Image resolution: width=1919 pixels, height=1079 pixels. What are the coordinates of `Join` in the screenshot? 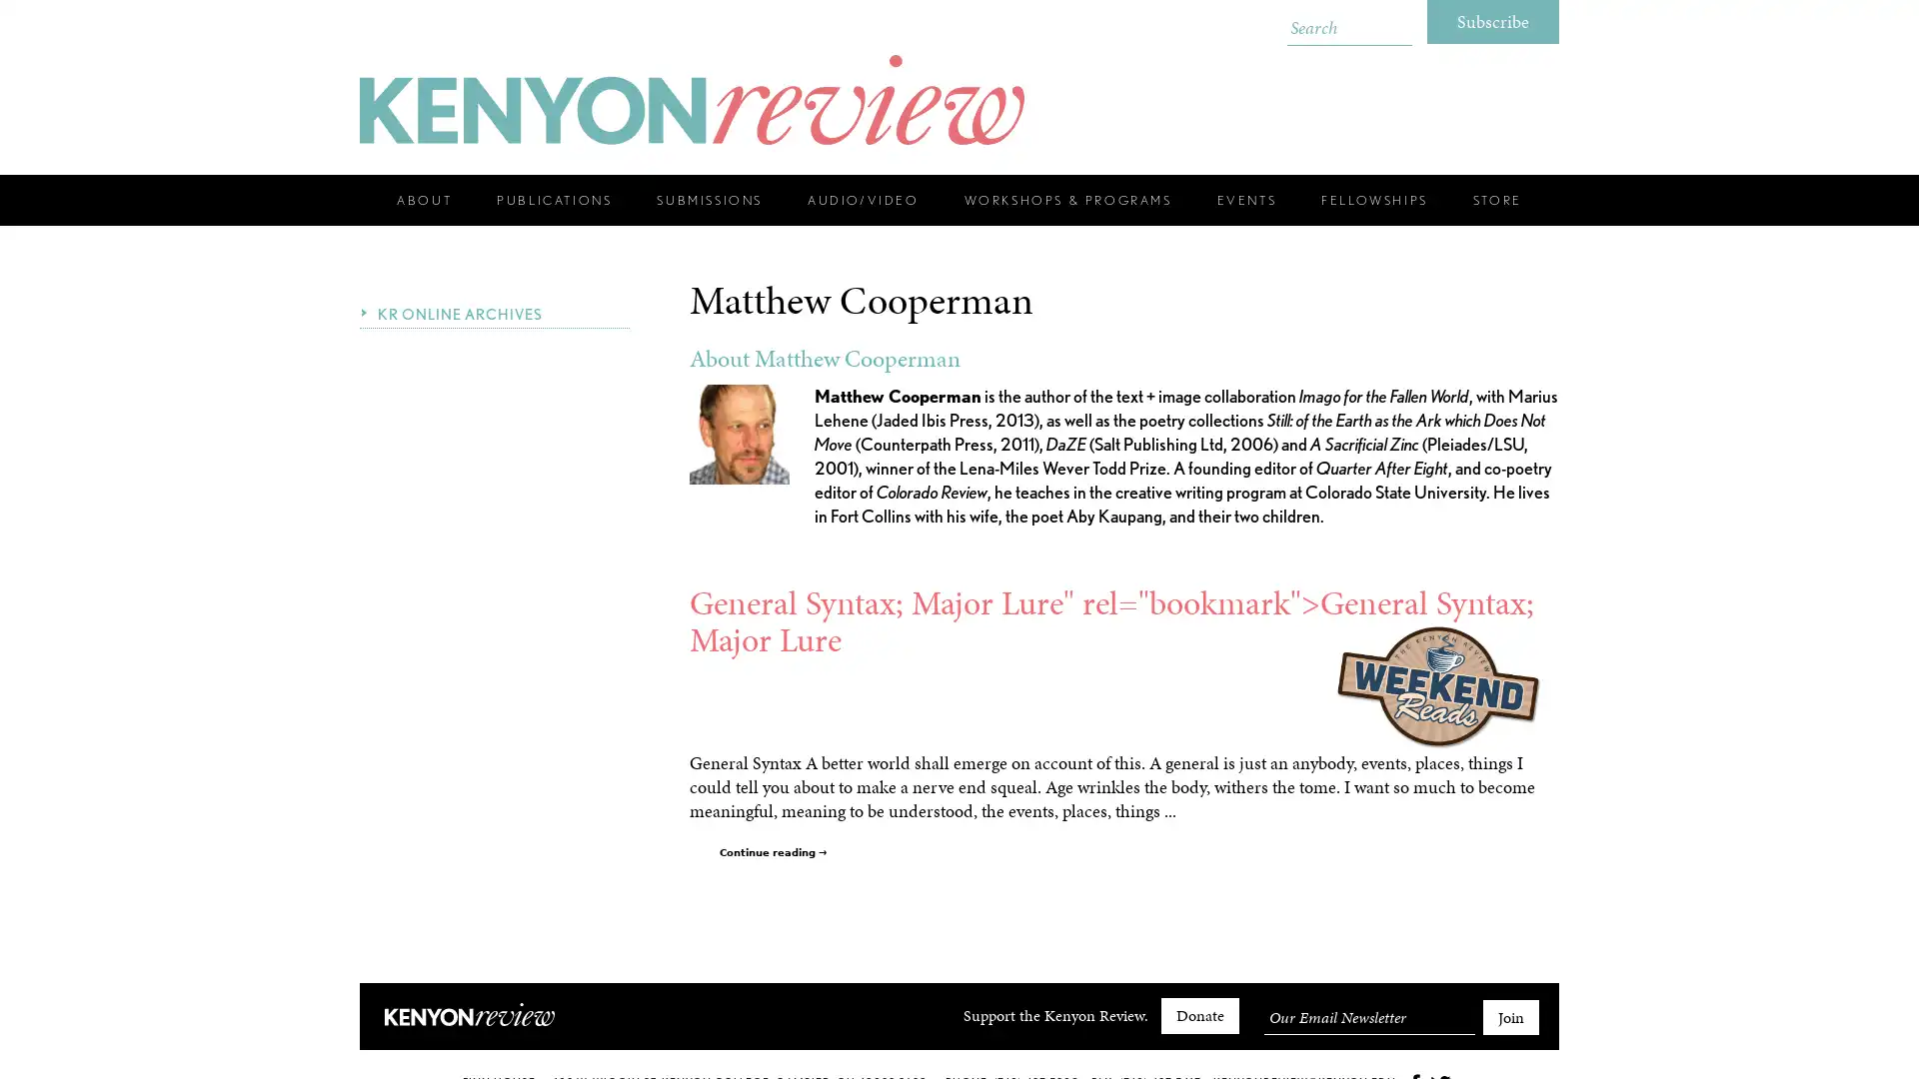 It's located at (1511, 1017).